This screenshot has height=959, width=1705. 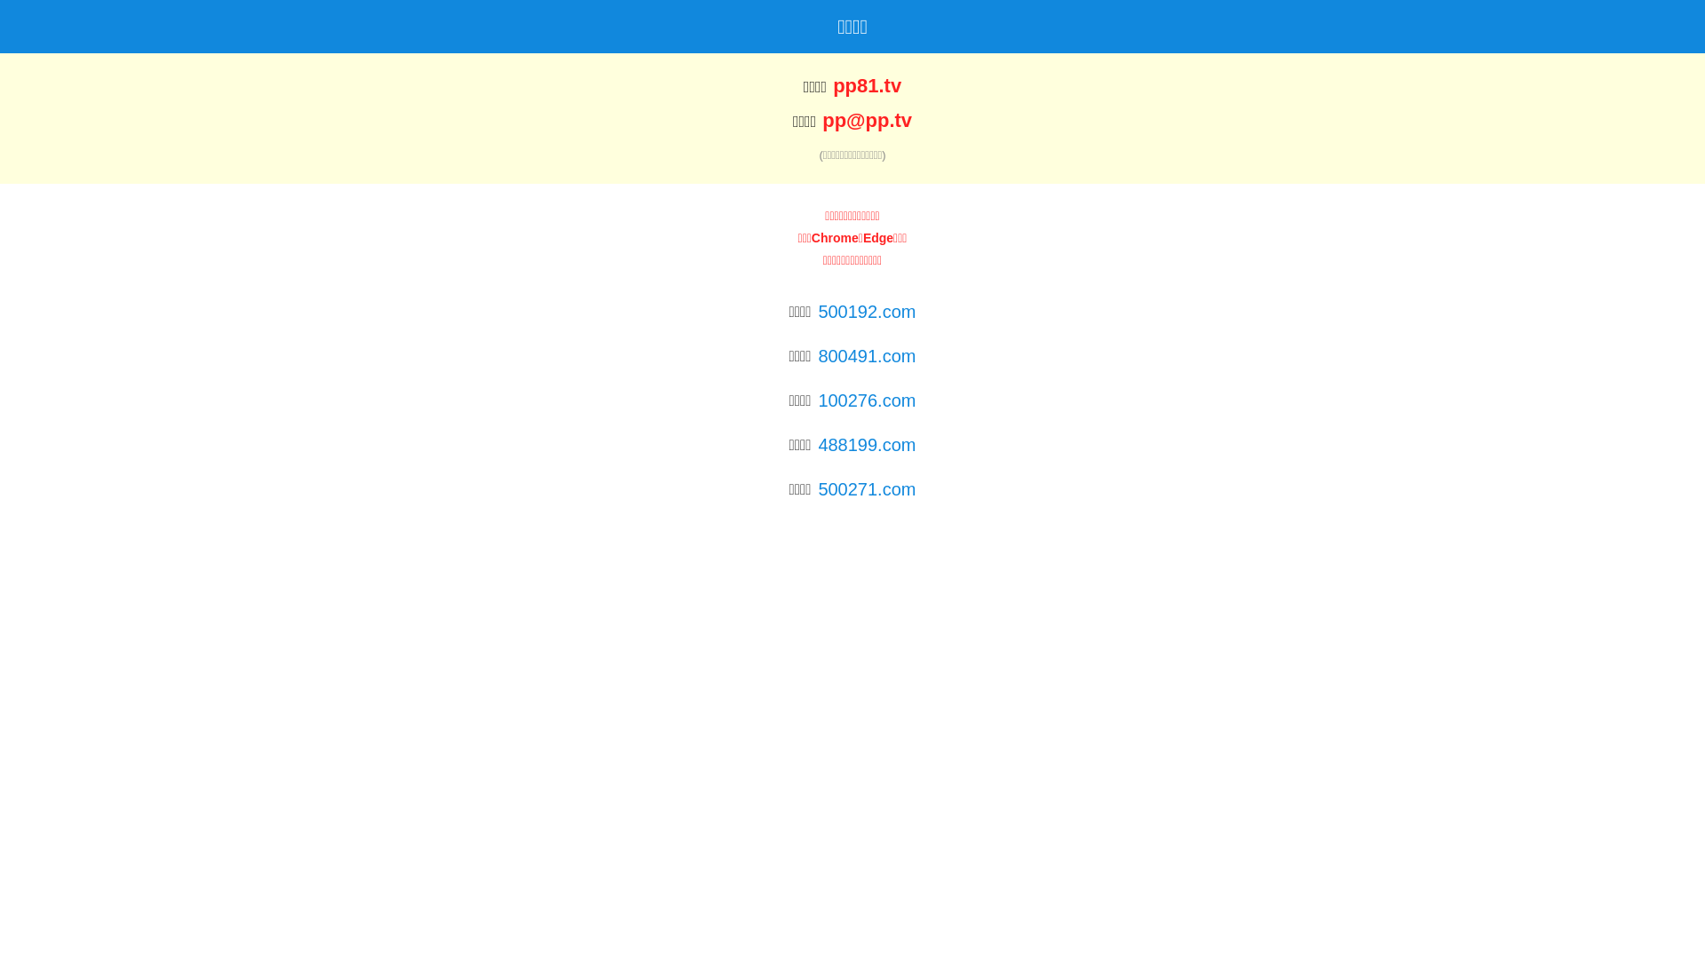 What do you see at coordinates (817, 356) in the screenshot?
I see `'800491.com'` at bounding box center [817, 356].